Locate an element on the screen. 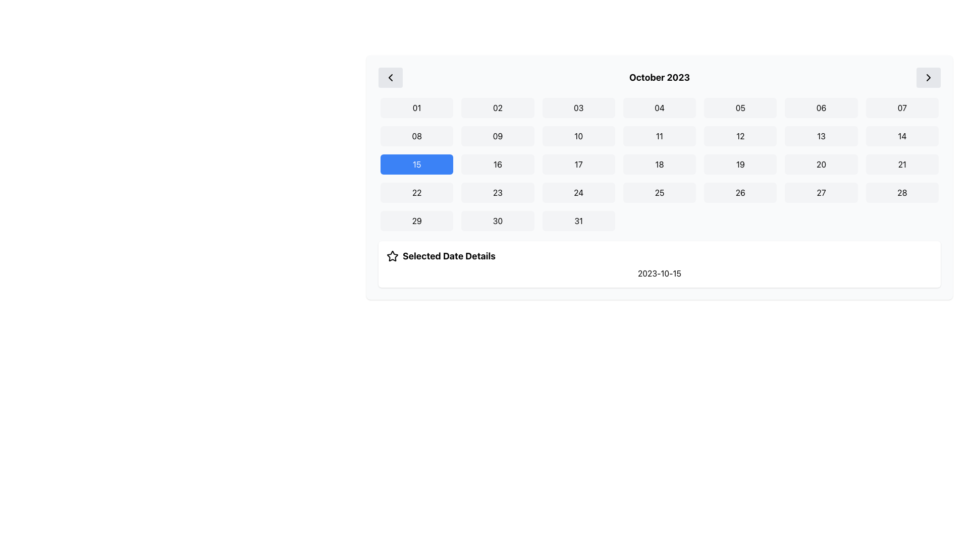  the cell representing the 12th day of October 2023 in the calendar grid is located at coordinates (740, 136).